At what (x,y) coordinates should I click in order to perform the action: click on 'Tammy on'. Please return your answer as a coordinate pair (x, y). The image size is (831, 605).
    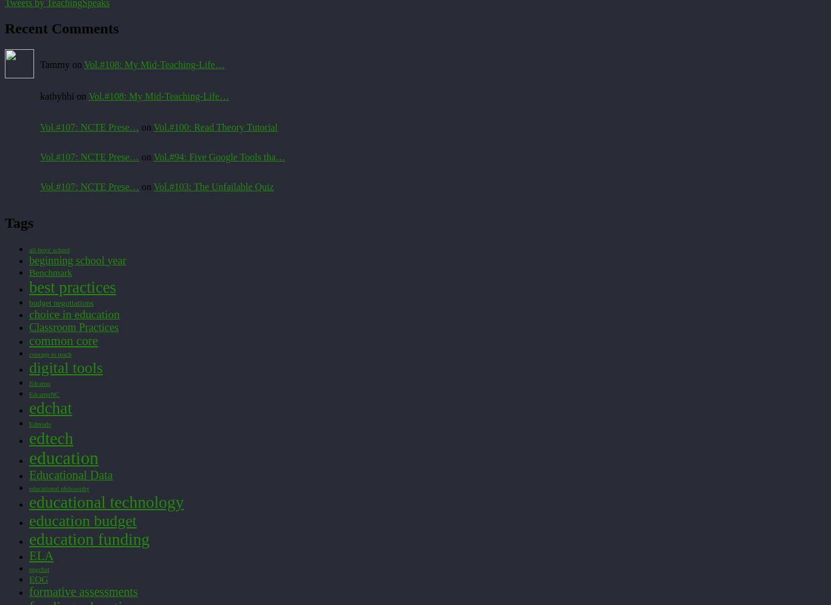
    Looking at the image, I should click on (62, 64).